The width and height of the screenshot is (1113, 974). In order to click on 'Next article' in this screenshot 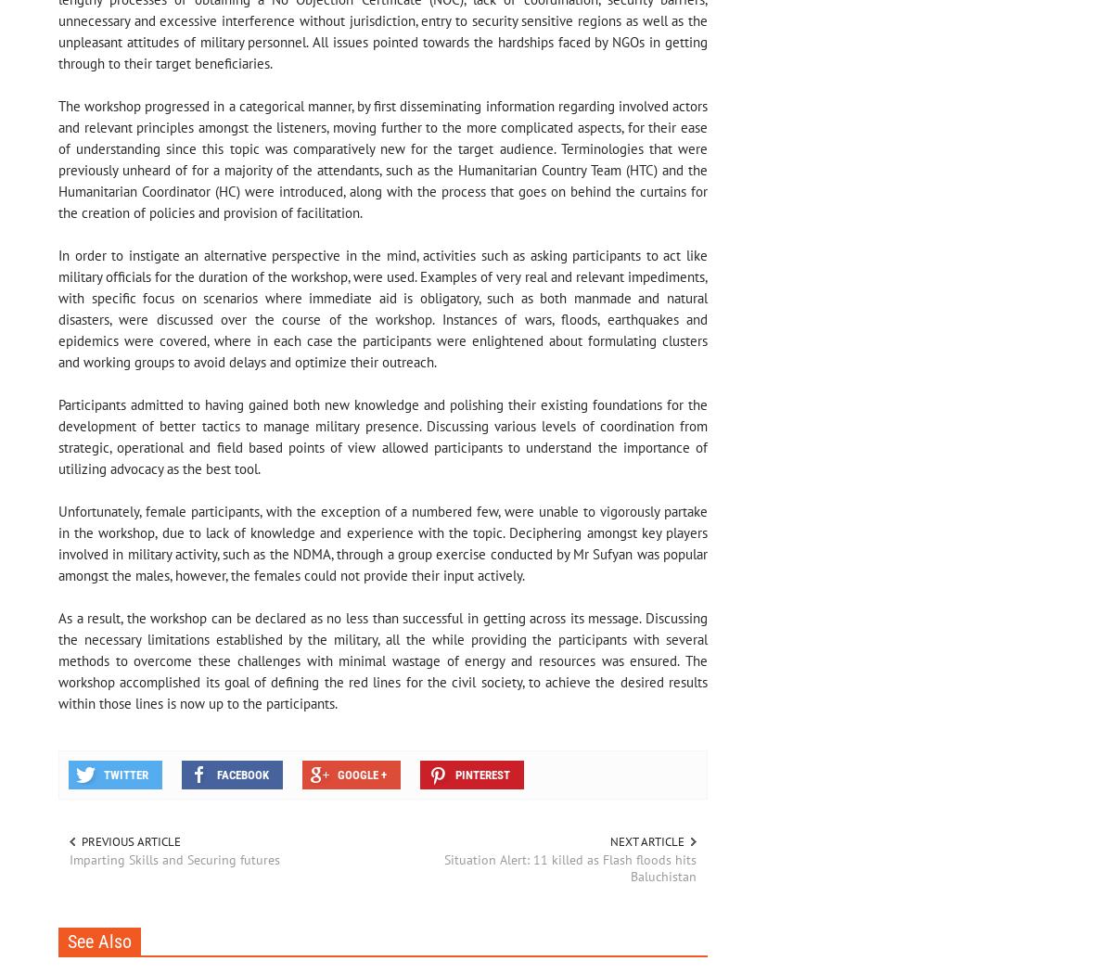, I will do `click(646, 840)`.